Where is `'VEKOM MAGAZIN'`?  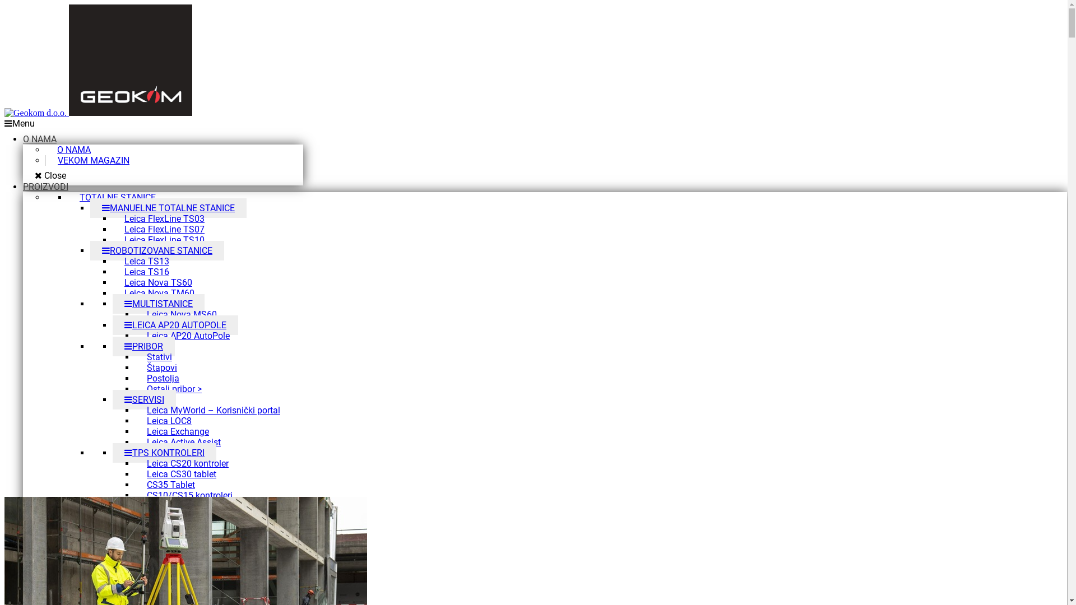
'VEKOM MAGAZIN' is located at coordinates (45, 160).